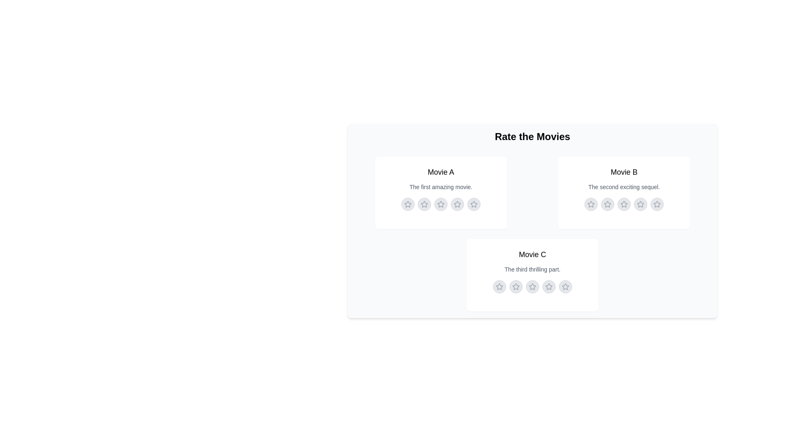 The image size is (792, 445). What do you see at coordinates (591, 204) in the screenshot?
I see `the first star-shaped rating icon with a black outline under the 'Movie B' section to give it focus` at bounding box center [591, 204].